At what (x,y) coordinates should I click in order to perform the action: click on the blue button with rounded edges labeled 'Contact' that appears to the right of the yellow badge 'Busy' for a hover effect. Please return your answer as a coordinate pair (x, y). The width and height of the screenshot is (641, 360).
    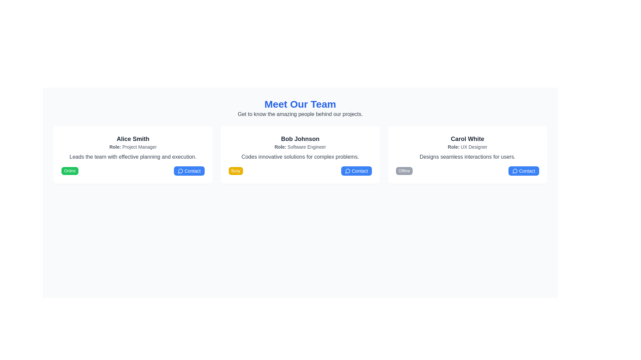
    Looking at the image, I should click on (356, 171).